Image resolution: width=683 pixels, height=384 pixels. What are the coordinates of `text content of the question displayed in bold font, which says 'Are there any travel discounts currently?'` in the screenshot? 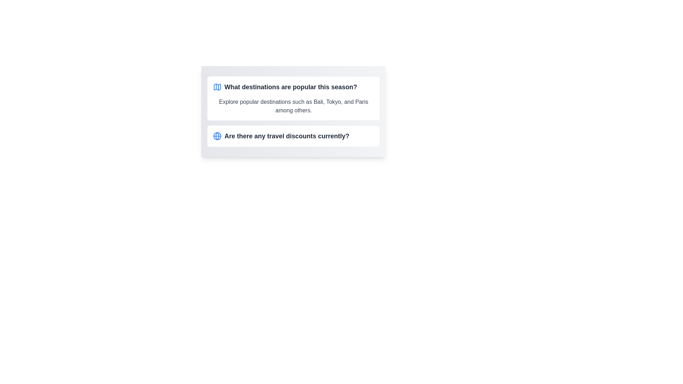 It's located at (287, 136).